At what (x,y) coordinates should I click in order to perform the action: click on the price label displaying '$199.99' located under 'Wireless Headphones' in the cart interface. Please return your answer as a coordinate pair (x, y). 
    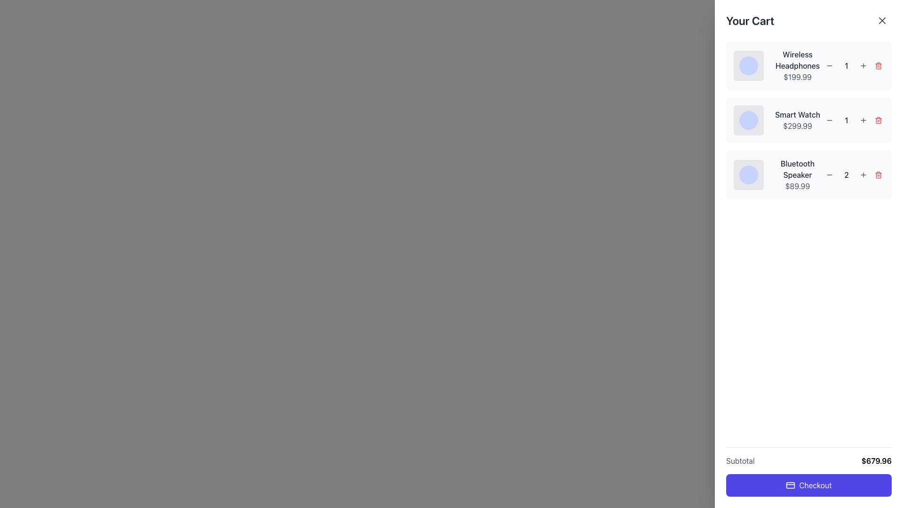
    Looking at the image, I should click on (797, 77).